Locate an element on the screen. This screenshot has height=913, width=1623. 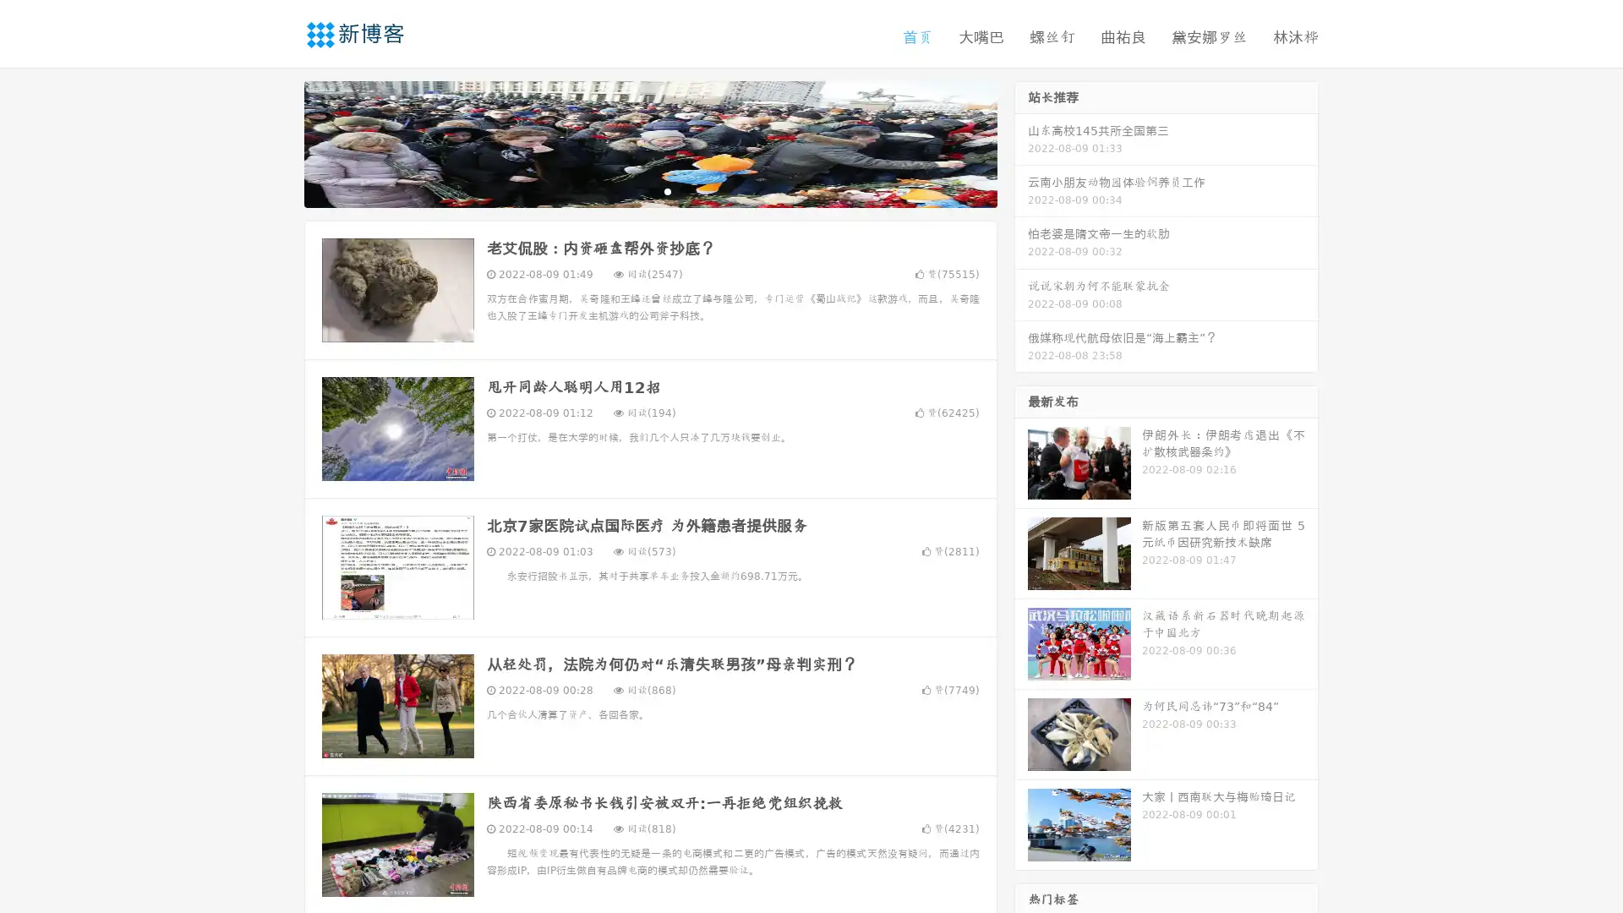
Previous slide is located at coordinates (279, 142).